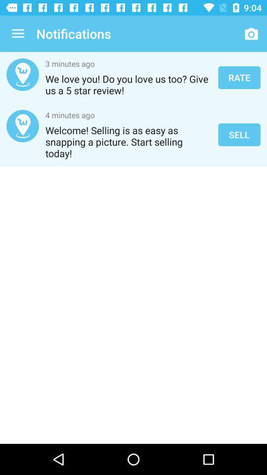 This screenshot has width=267, height=475. I want to click on icon to the left of rate, so click(129, 84).